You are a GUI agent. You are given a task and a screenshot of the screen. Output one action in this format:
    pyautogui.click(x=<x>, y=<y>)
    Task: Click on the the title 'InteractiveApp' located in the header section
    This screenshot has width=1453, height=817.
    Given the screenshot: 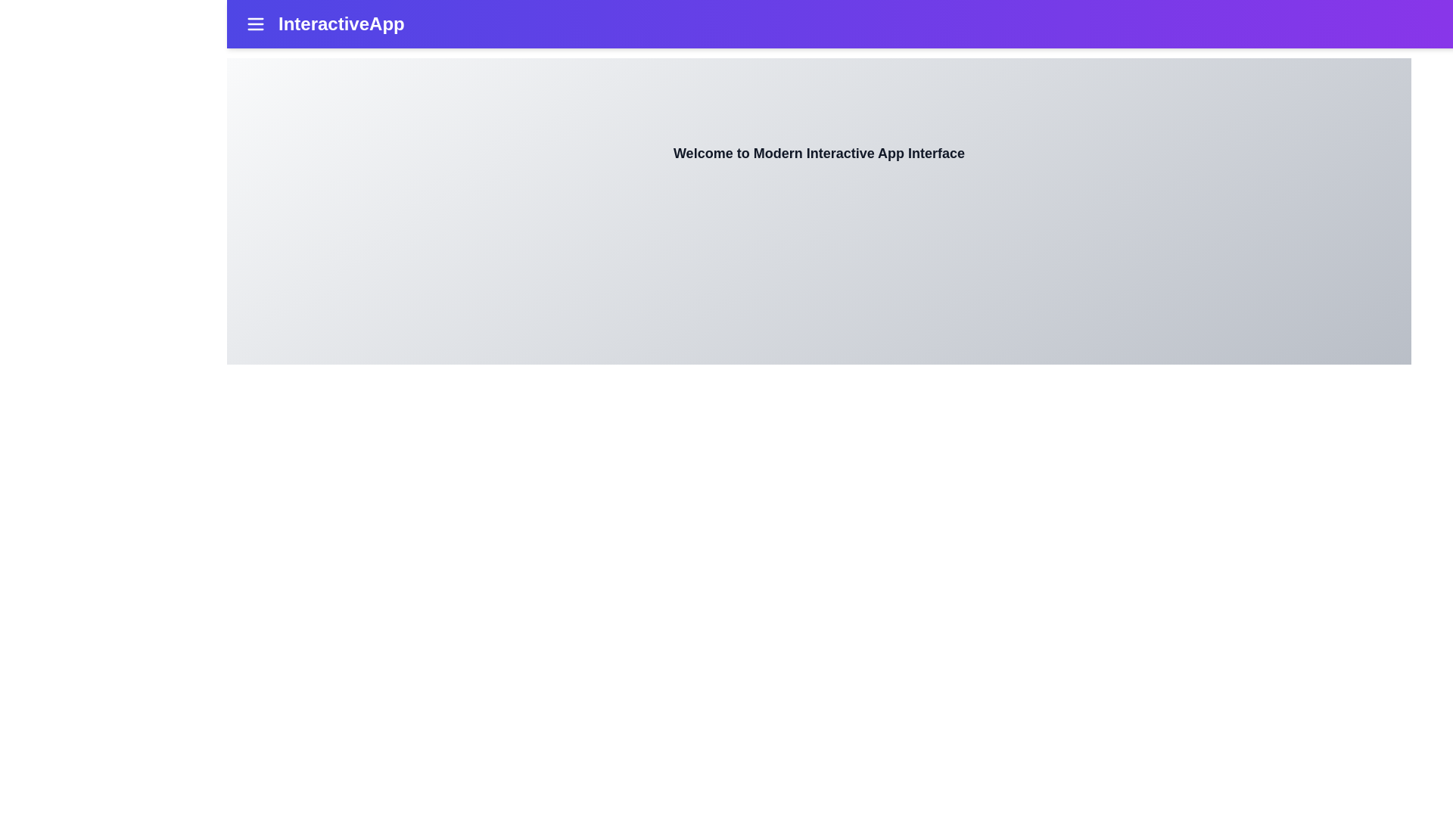 What is the action you would take?
    pyautogui.click(x=341, y=23)
    